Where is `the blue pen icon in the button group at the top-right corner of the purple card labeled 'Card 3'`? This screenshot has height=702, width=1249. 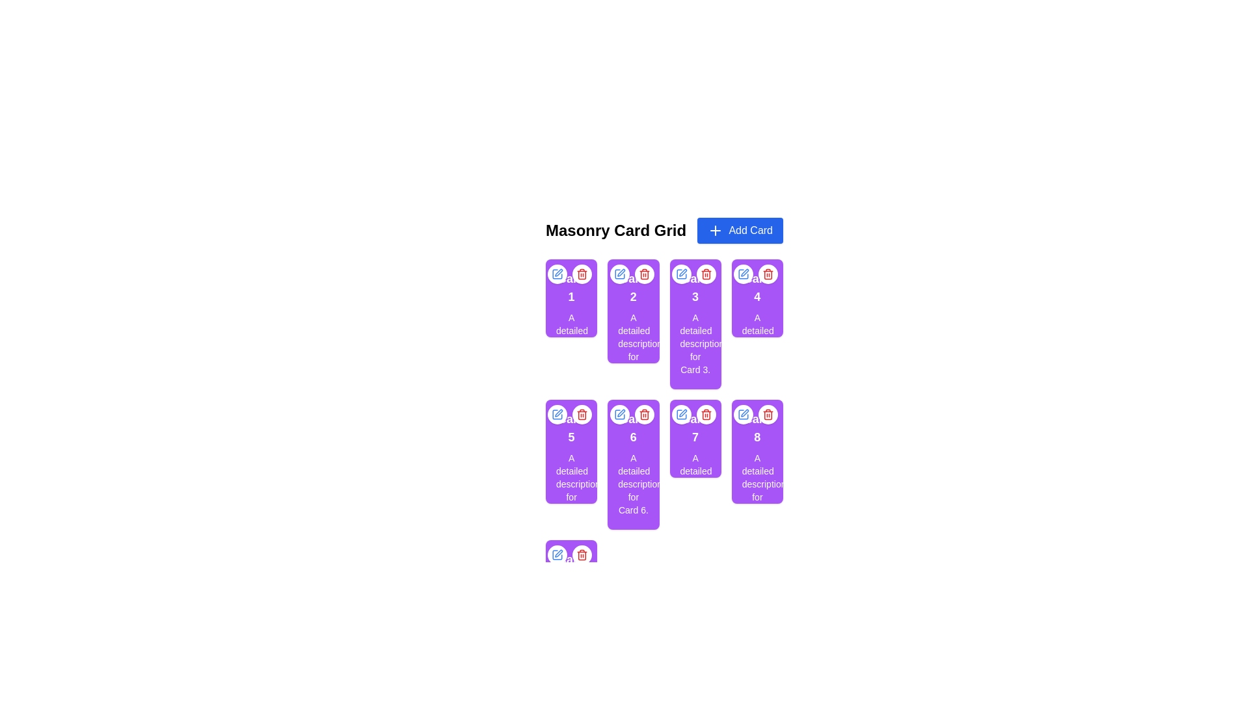 the blue pen icon in the button group at the top-right corner of the purple card labeled 'Card 3' is located at coordinates (693, 273).